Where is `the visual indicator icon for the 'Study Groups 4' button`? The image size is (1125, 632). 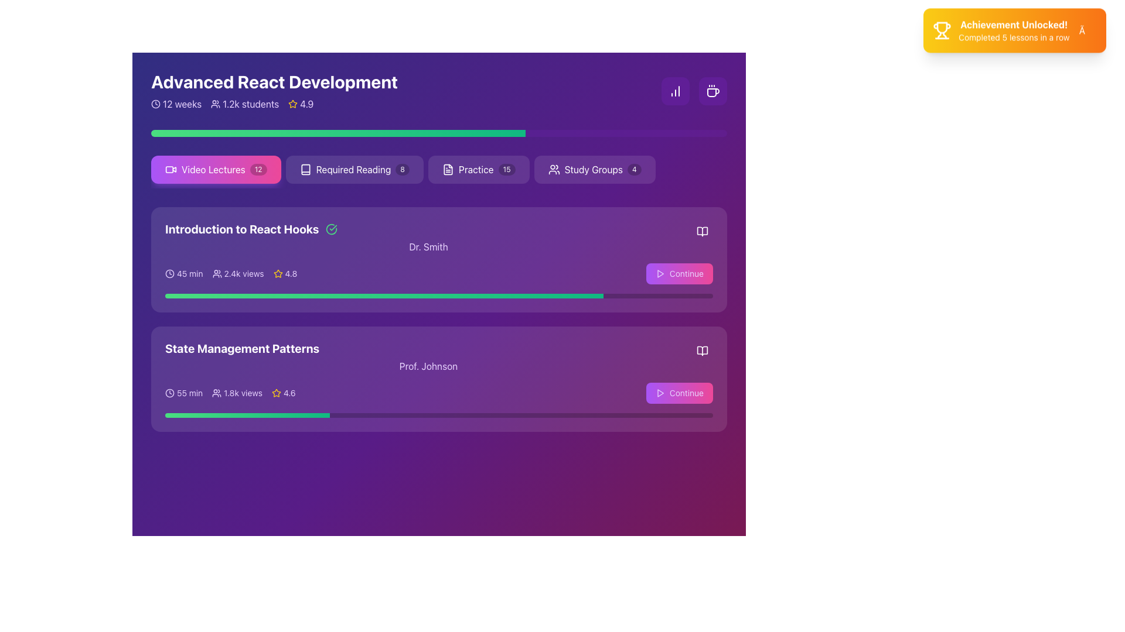
the visual indicator icon for the 'Study Groups 4' button is located at coordinates (553, 169).